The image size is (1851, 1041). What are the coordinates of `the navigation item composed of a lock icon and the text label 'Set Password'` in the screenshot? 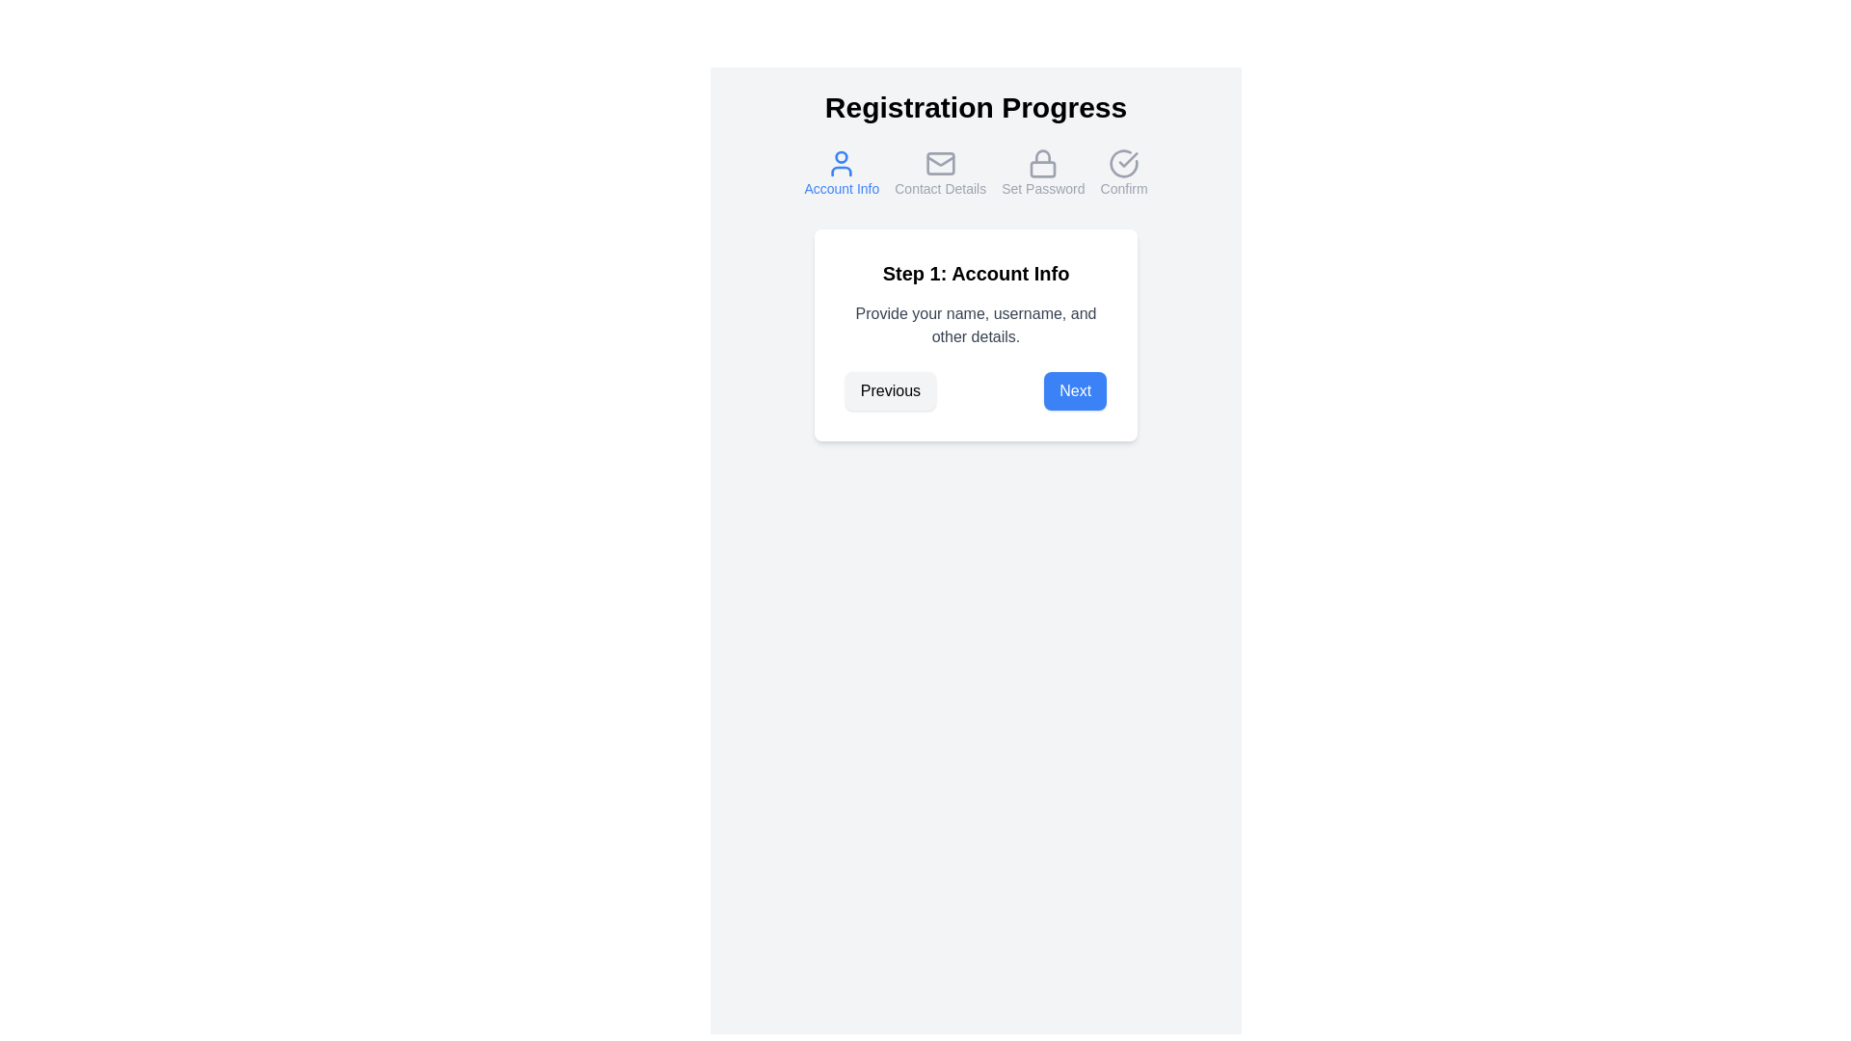 It's located at (1042, 173).